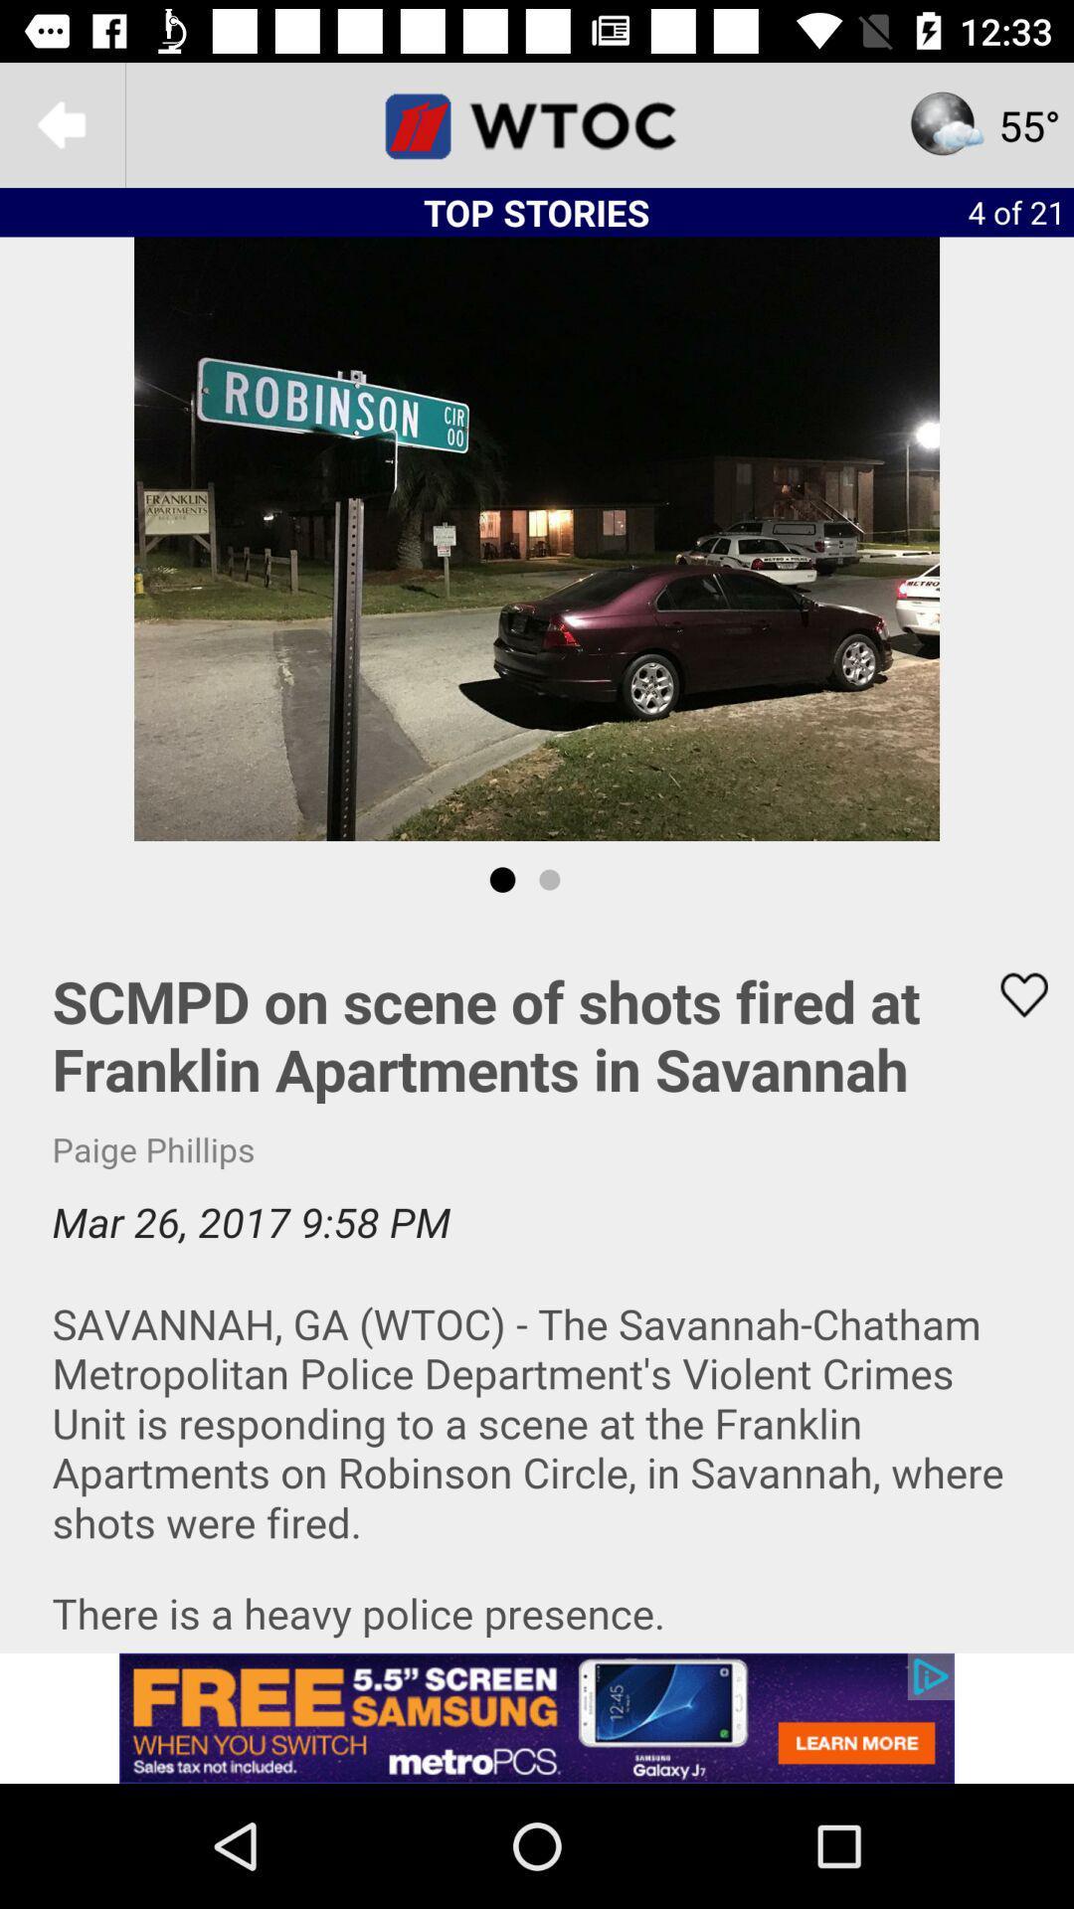  I want to click on website, so click(537, 123).